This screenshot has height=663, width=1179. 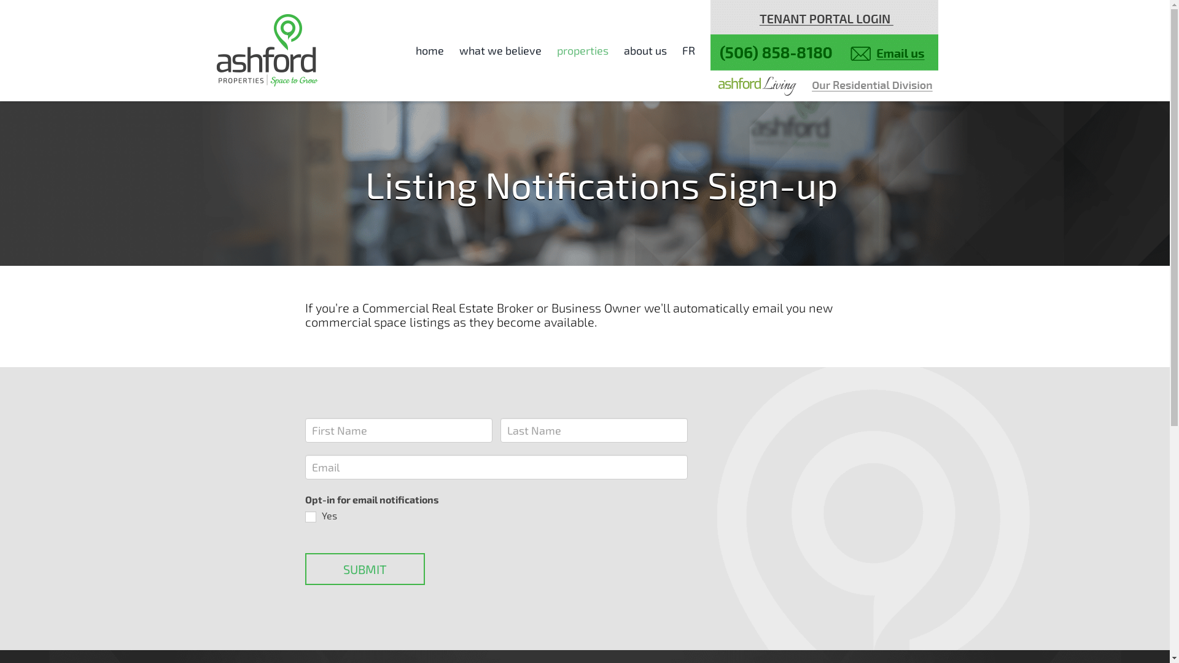 I want to click on 'SUBMIT', so click(x=364, y=568).